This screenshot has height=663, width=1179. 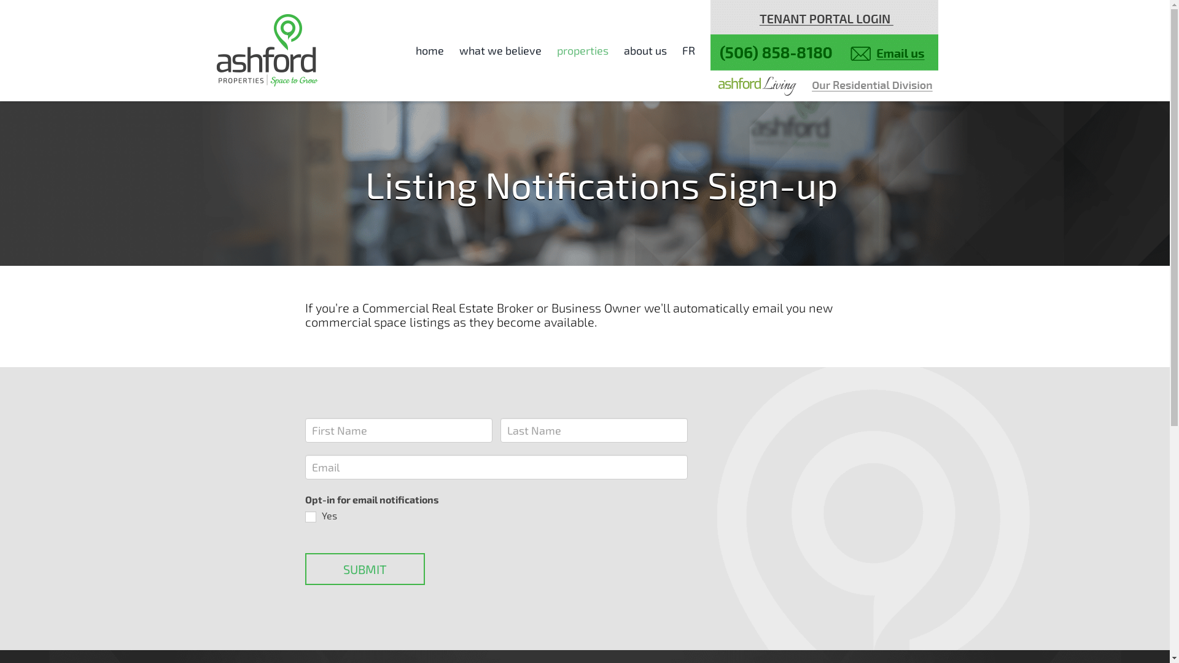 I want to click on 'SUBMIT', so click(x=364, y=568).